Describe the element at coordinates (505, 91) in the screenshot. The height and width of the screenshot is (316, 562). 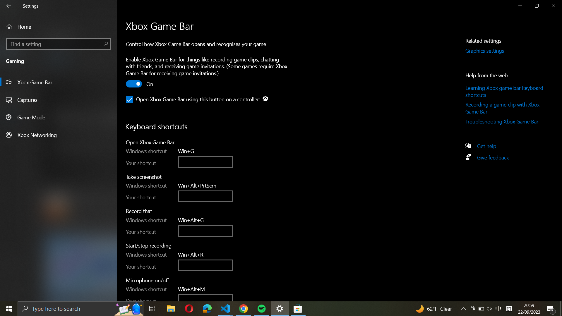
I see `the Xbox Game Bar Keyboard Shortcuts learning page` at that location.